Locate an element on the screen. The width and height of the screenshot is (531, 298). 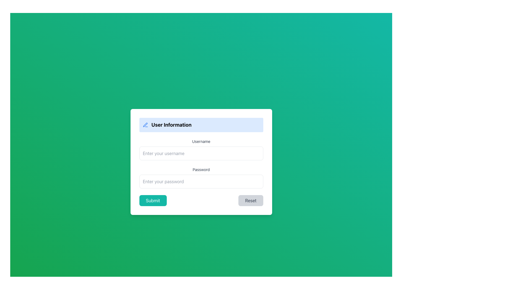
the Text label that indicates the input field for entering the username, which is located near the upper middle portion of the form is located at coordinates (201, 141).